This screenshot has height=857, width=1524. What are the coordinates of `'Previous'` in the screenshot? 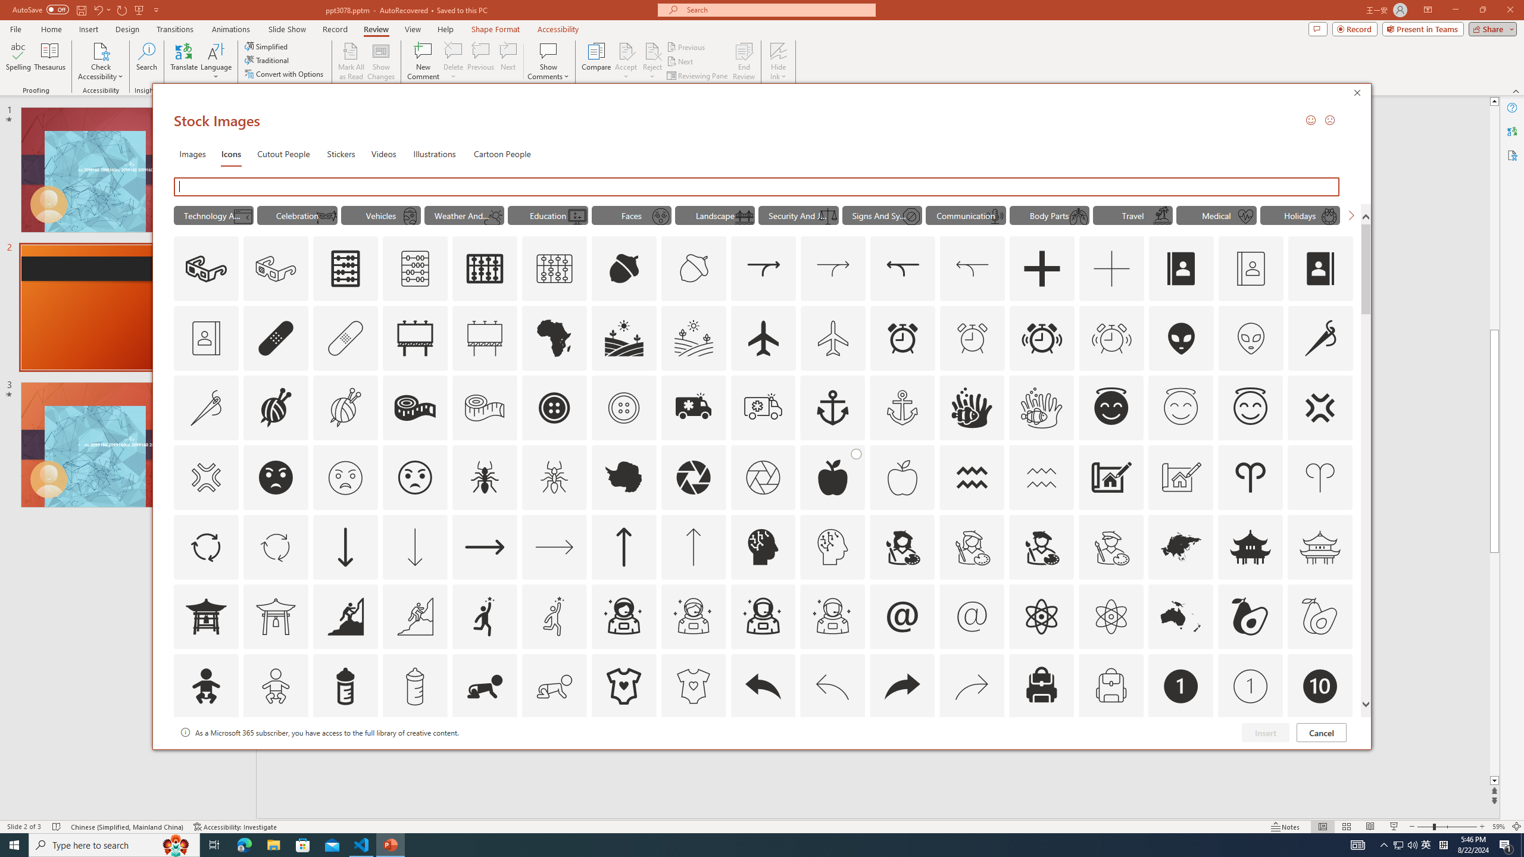 It's located at (686, 46).